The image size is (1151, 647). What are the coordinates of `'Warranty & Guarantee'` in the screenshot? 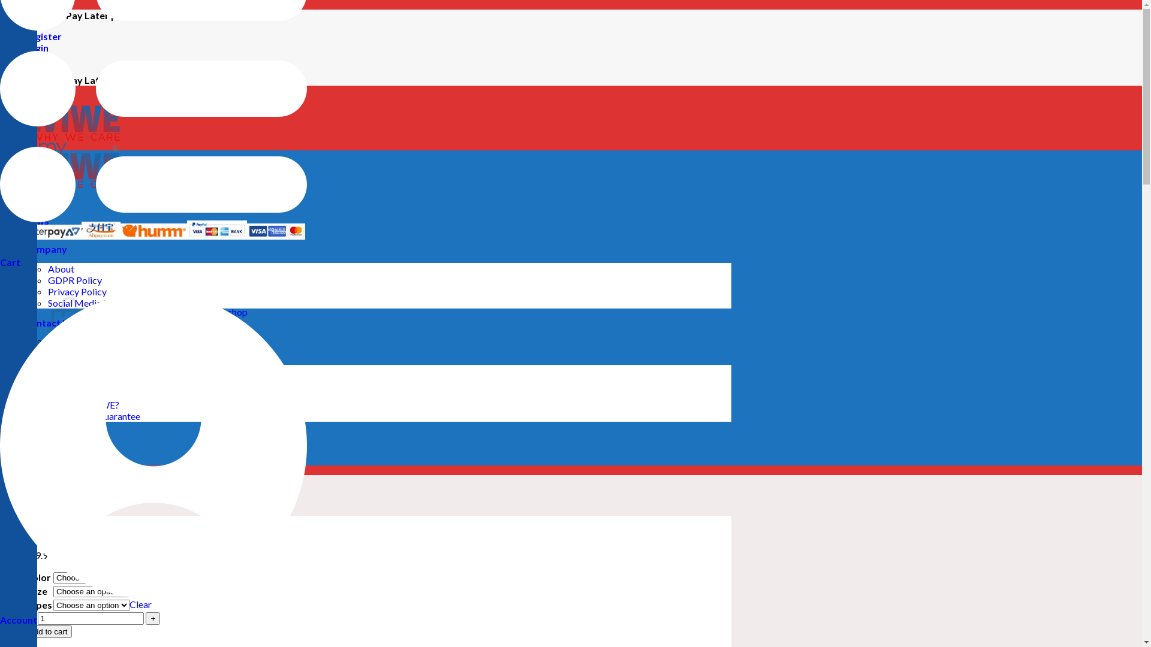 It's located at (94, 415).